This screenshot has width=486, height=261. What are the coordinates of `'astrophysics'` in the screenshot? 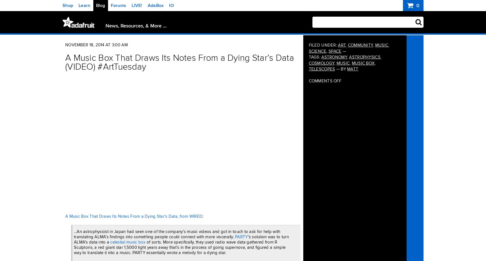 It's located at (349, 57).